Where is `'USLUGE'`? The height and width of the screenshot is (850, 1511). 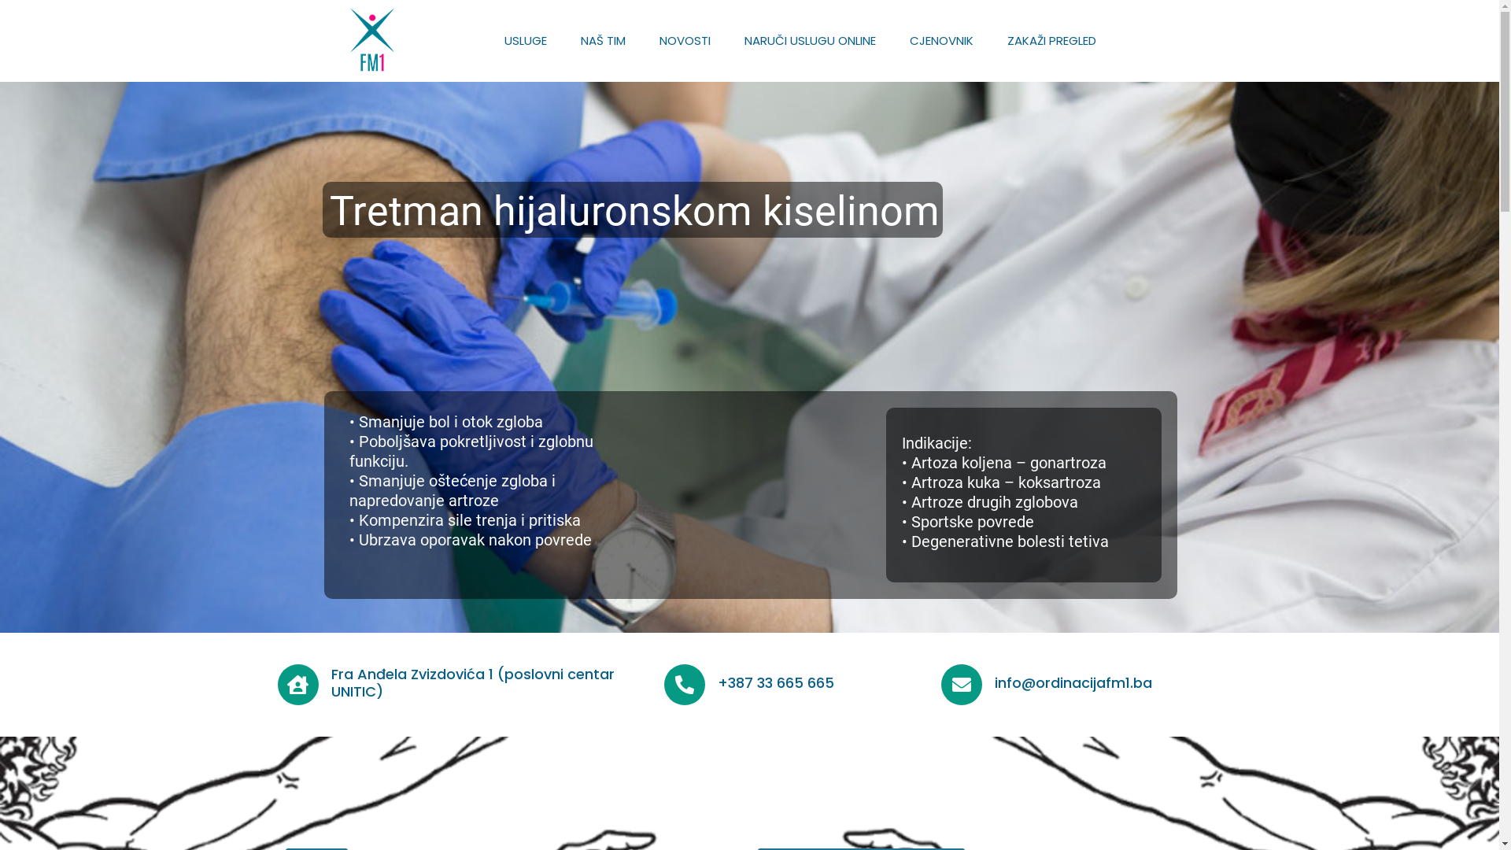
'USLUGE' is located at coordinates (525, 39).